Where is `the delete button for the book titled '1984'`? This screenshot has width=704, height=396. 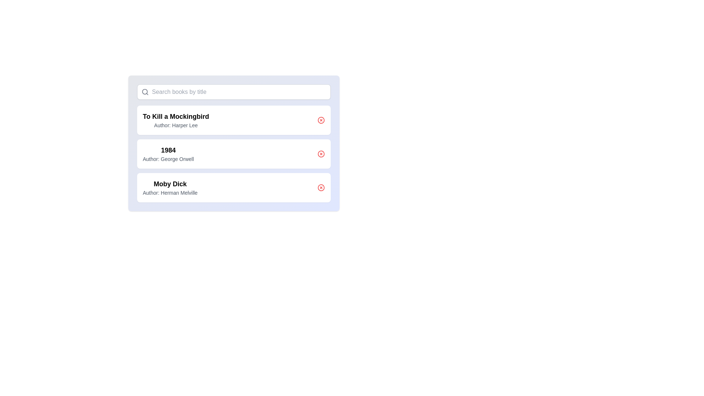
the delete button for the book titled '1984' is located at coordinates (321, 154).